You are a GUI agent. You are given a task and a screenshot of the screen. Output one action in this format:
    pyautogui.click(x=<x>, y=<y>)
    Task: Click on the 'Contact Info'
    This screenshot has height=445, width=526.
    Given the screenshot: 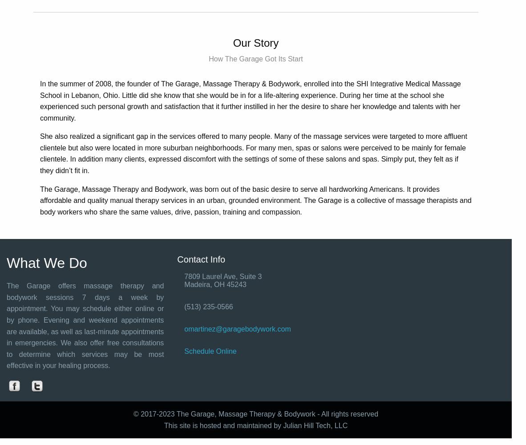 What is the action you would take?
    pyautogui.click(x=176, y=259)
    